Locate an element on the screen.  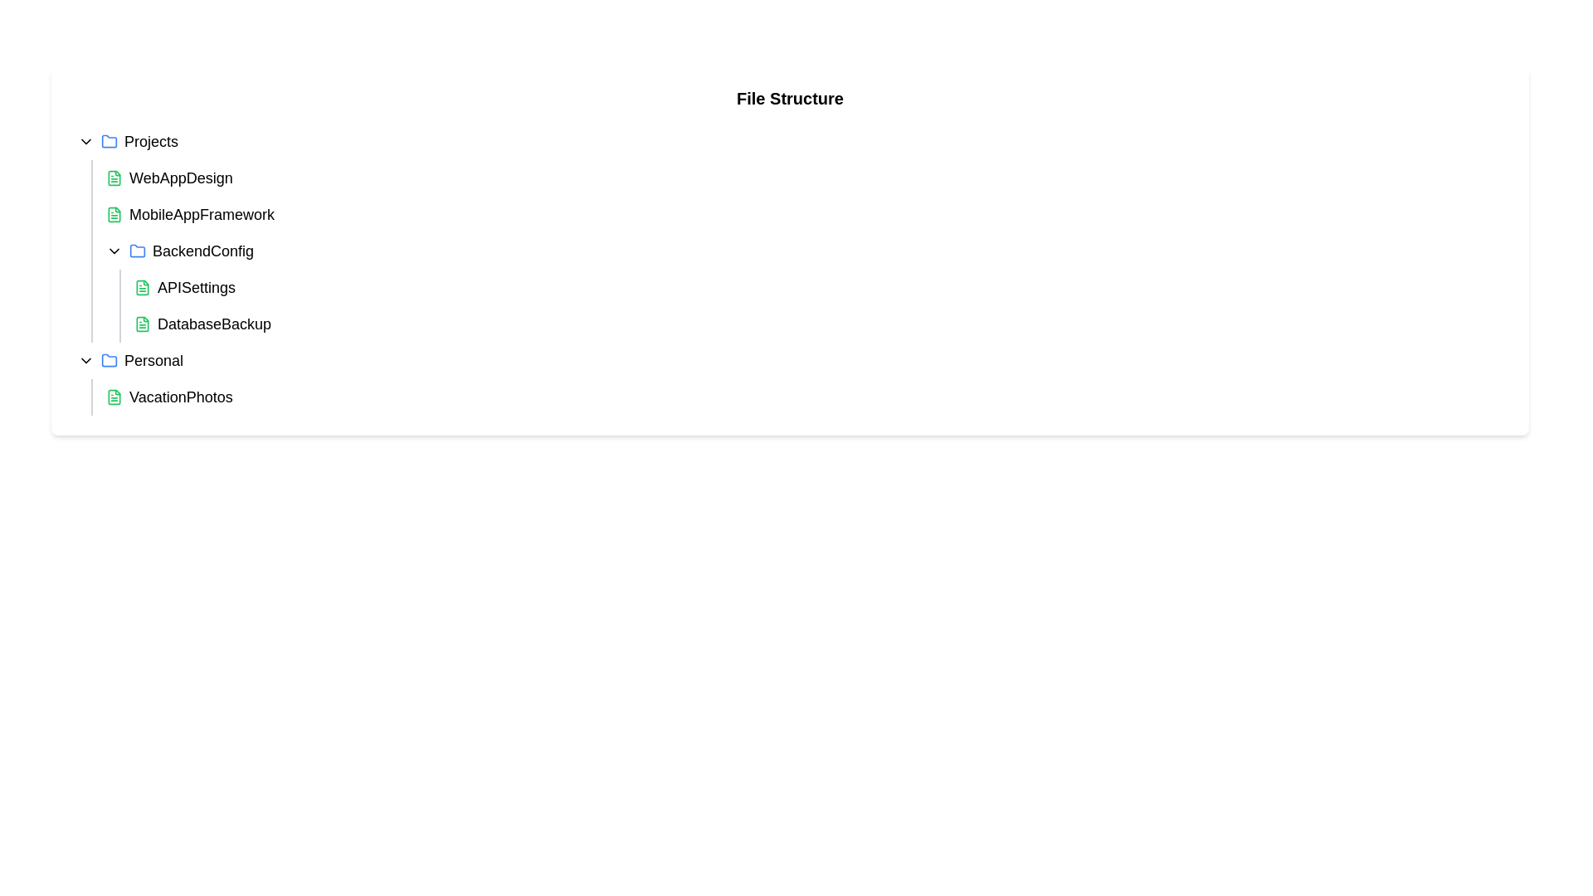
the text label for 'DatabaseBackup', which is the second item under the 'BackendConfig' folder in the file structure view, to possibly see additional details is located at coordinates (213, 324).